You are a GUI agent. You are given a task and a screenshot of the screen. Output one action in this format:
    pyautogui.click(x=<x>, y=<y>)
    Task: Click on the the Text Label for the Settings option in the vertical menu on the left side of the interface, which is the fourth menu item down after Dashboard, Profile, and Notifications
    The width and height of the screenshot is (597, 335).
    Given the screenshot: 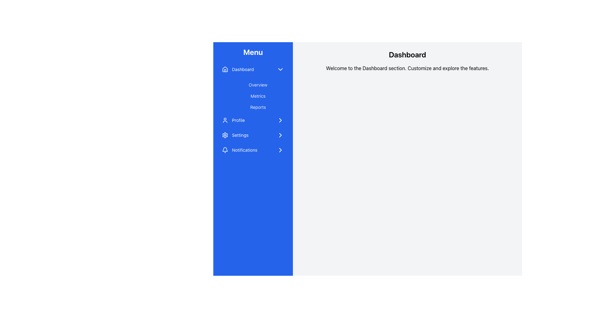 What is the action you would take?
    pyautogui.click(x=240, y=135)
    